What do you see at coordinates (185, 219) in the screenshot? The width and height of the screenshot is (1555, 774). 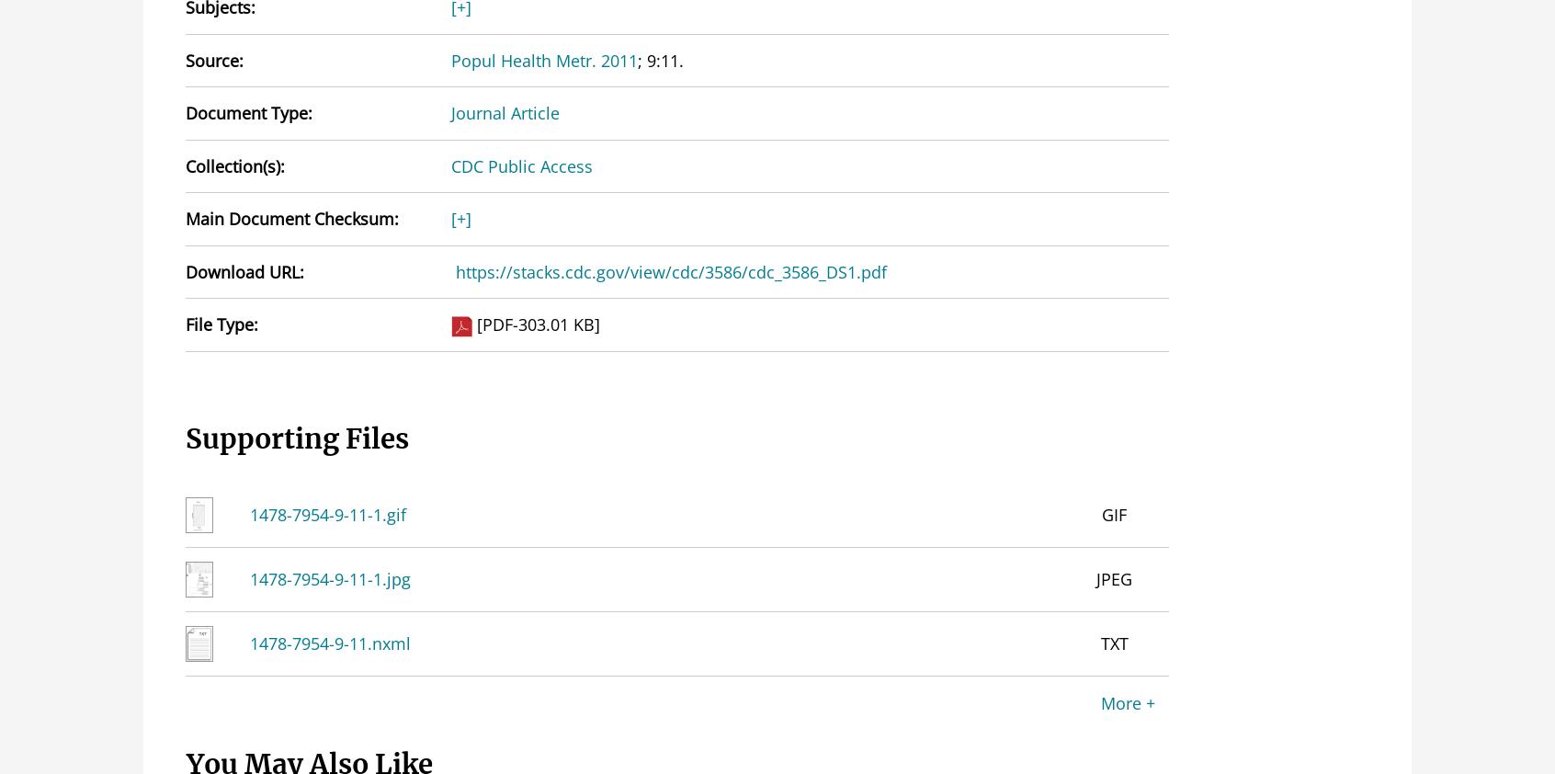 I see `'Main Document Checksum:'` at bounding box center [185, 219].